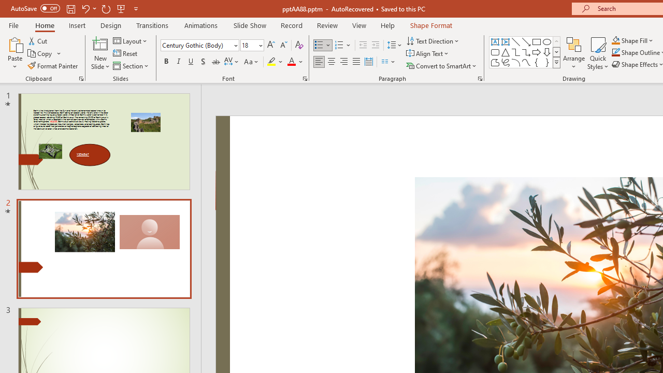  I want to click on 'Font Color Red', so click(291, 62).